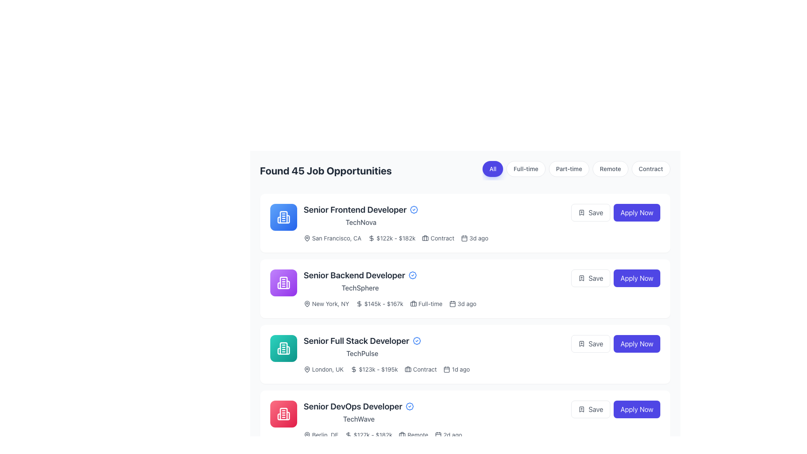  I want to click on the blue checkmark badge icon that serves as a visual confirmation indicator, located to the right of the 'Senior Full Stack Developer' text, so click(417, 340).